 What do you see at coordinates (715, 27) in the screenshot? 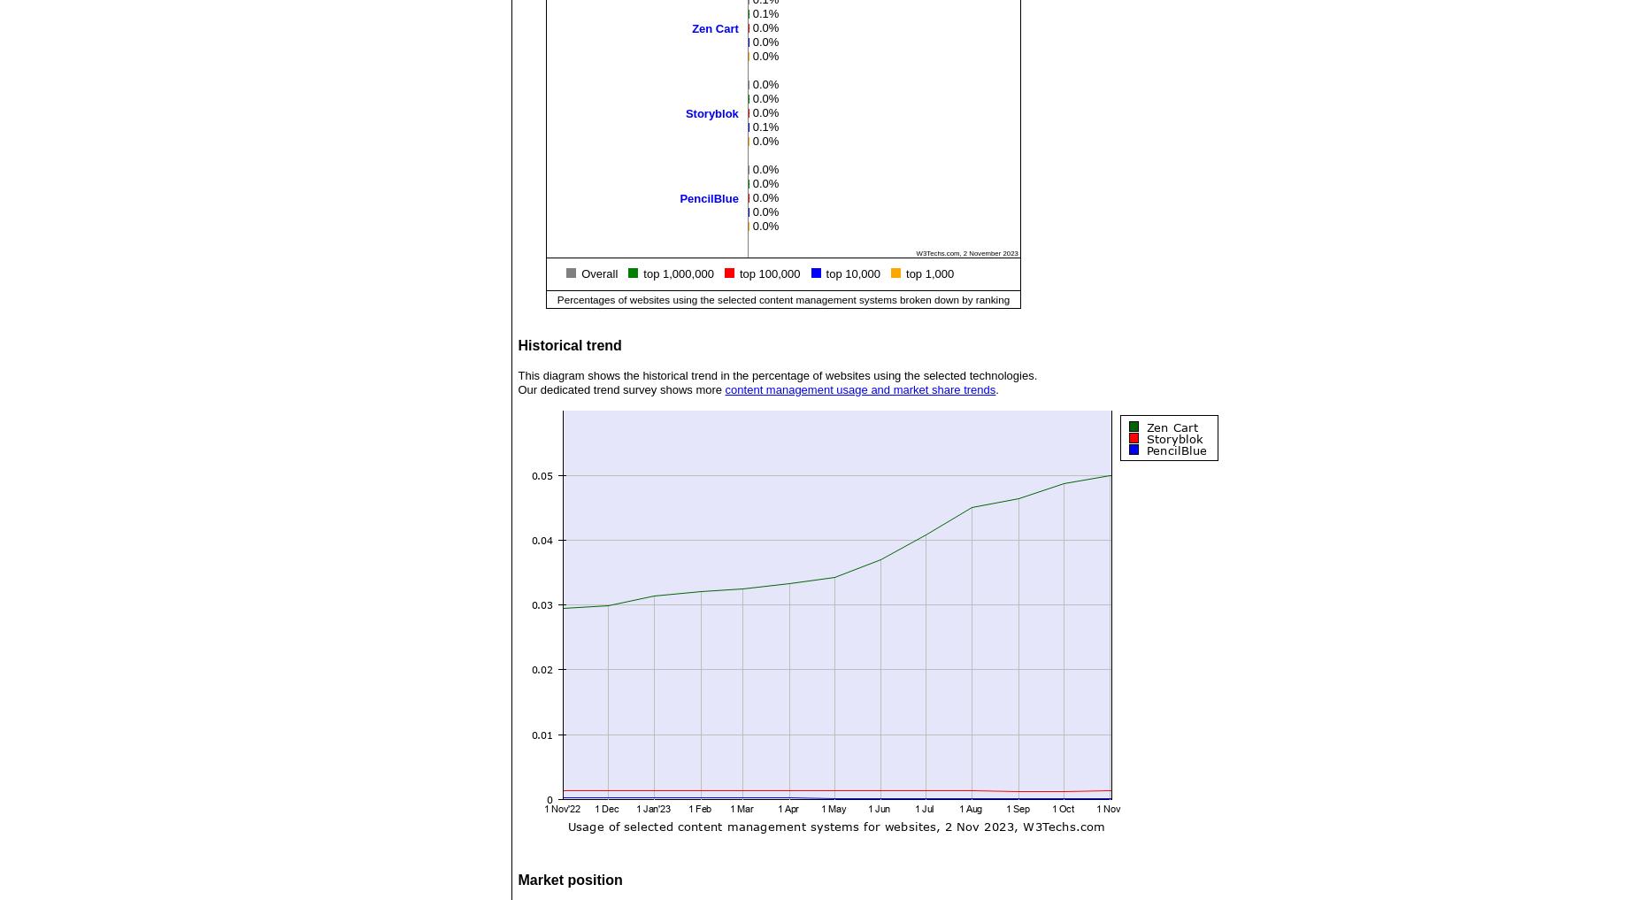
I see `'Zen Cart'` at bounding box center [715, 27].